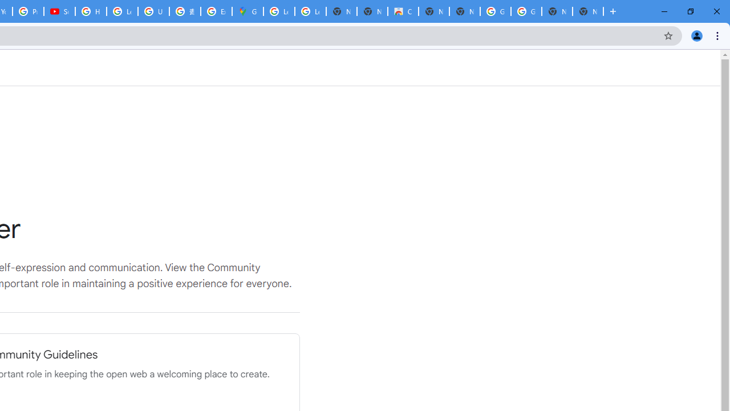 Image resolution: width=730 pixels, height=411 pixels. What do you see at coordinates (247, 11) in the screenshot?
I see `'Google Maps'` at bounding box center [247, 11].